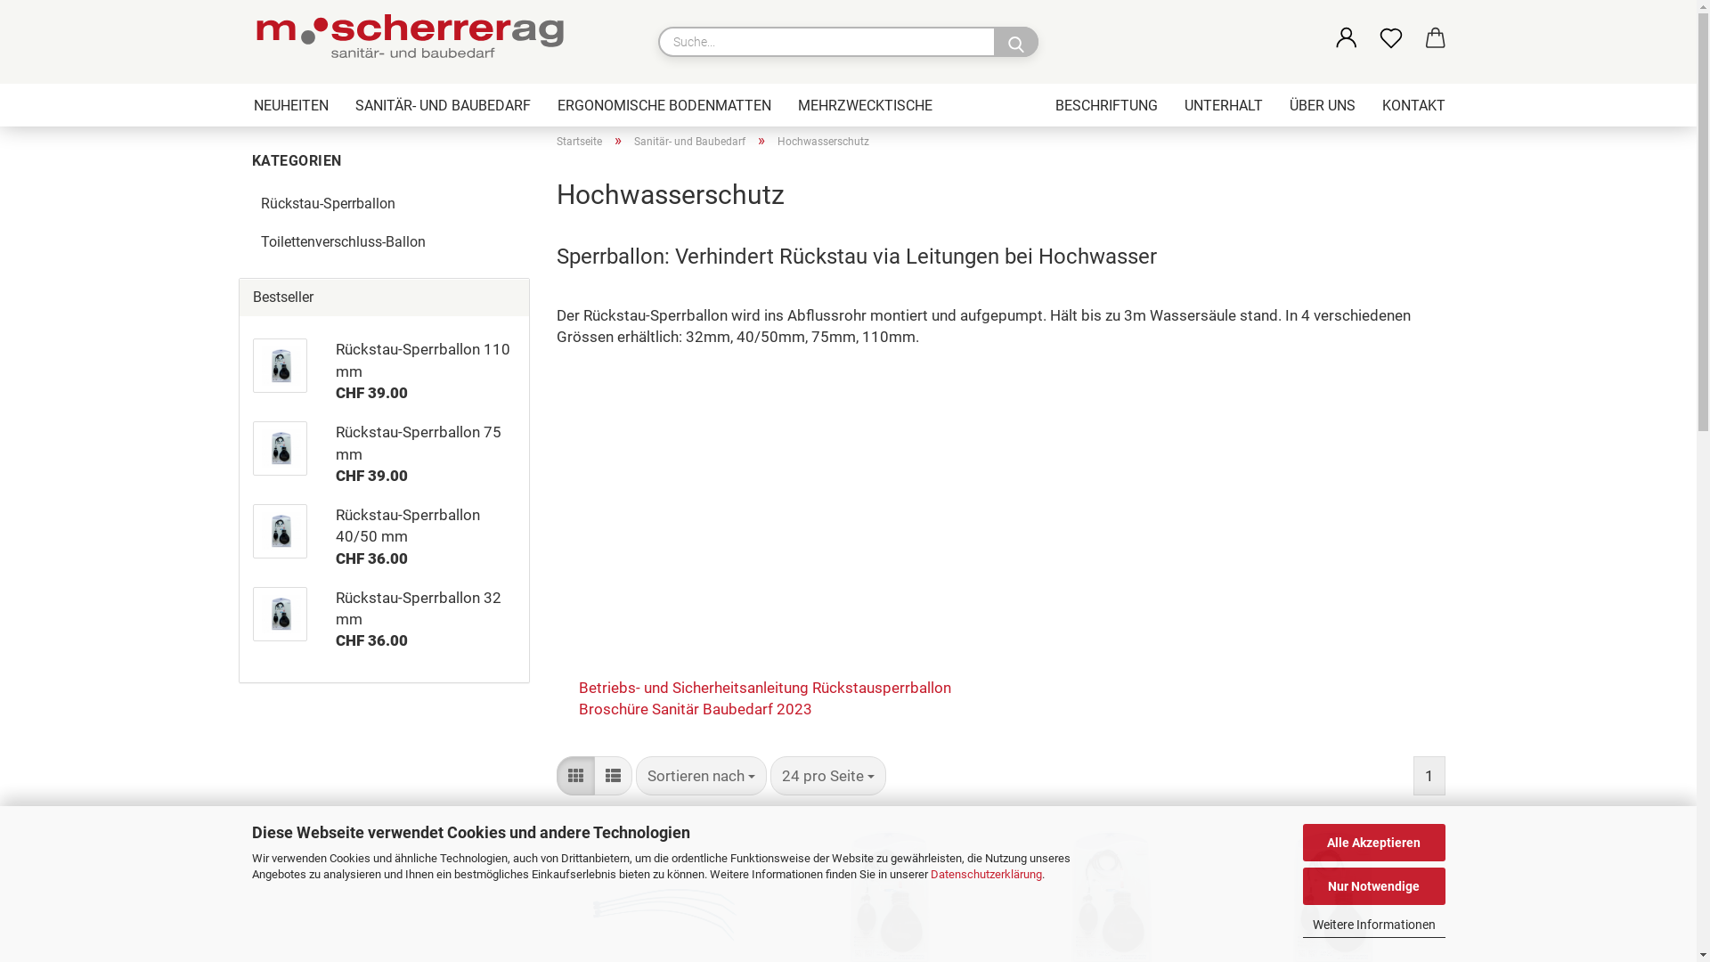  I want to click on 'BESCHRIFTUNG', so click(1105, 105).